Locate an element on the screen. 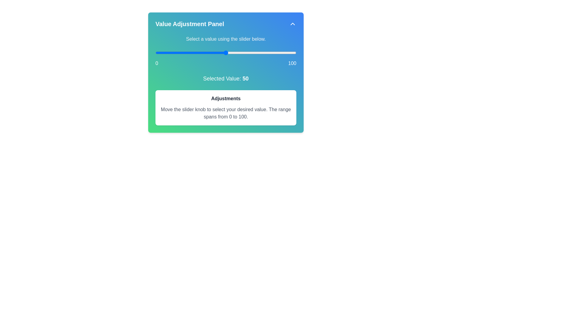 This screenshot has height=328, width=583. the slider knob horizontally is located at coordinates (226, 52).